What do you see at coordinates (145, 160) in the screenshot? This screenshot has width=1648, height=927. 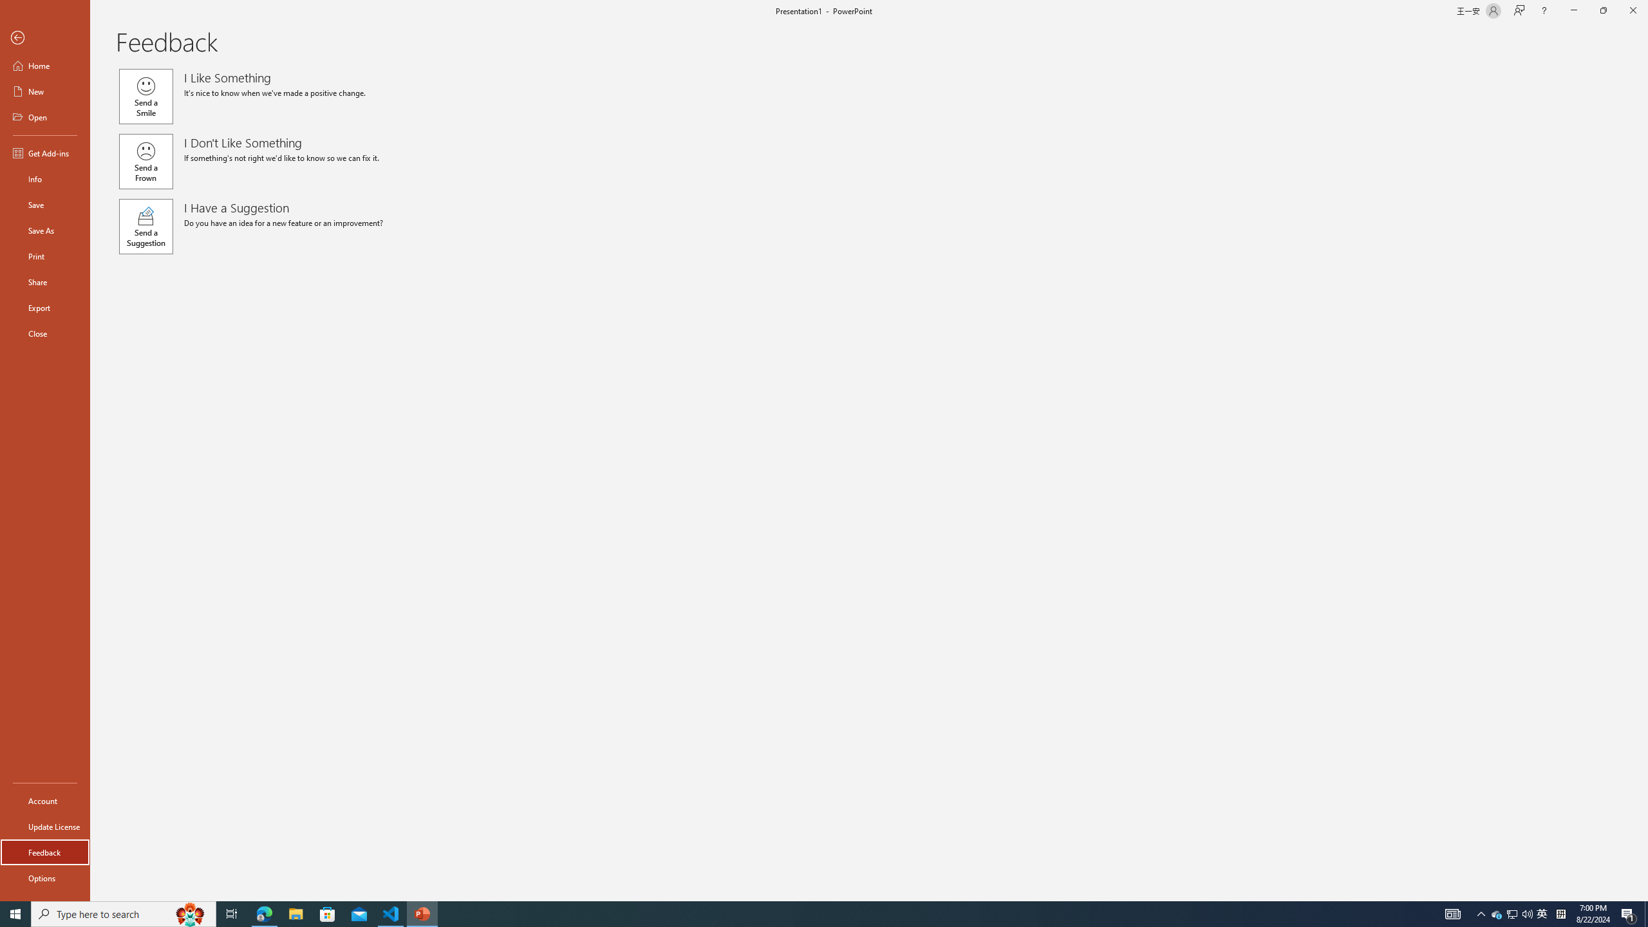 I see `'Send a Frown'` at bounding box center [145, 160].